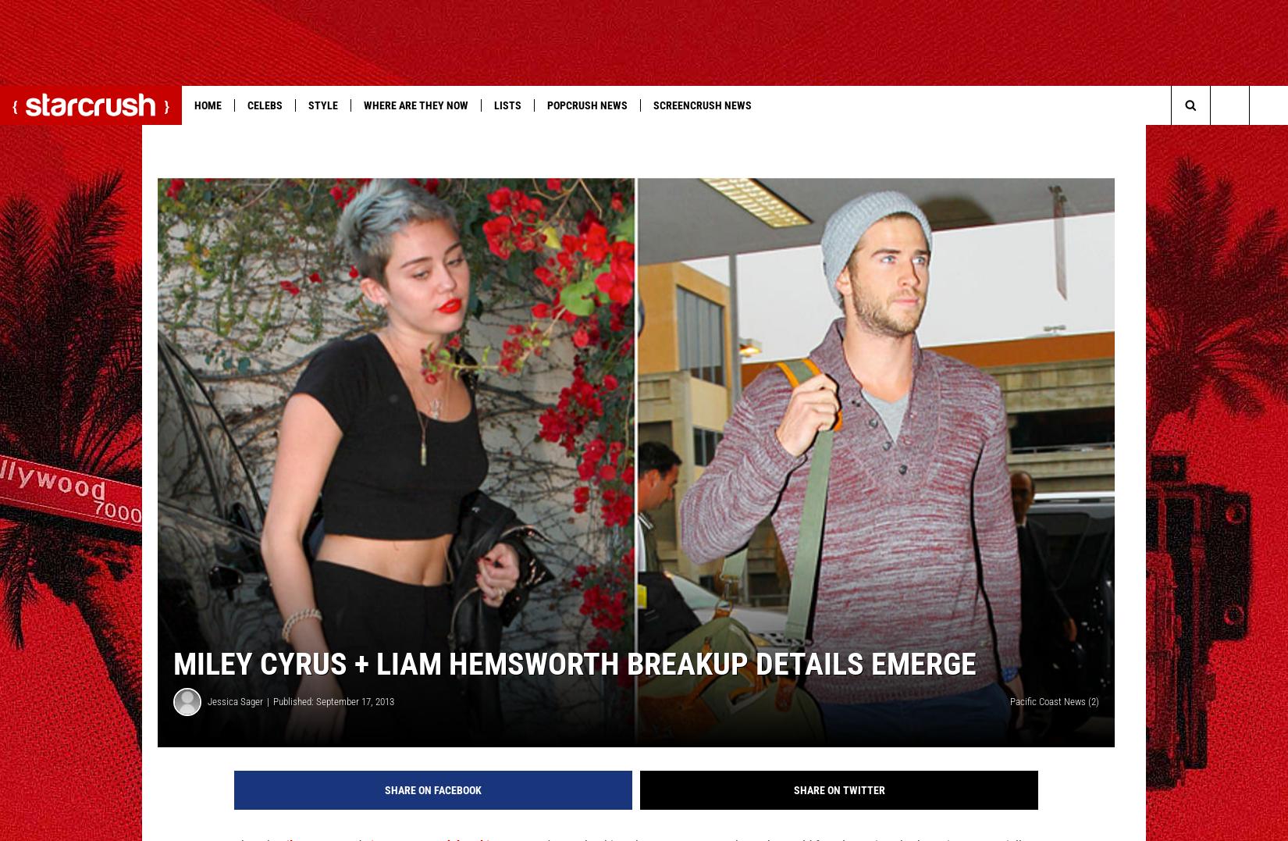  What do you see at coordinates (43, 136) in the screenshot?
I see `'Best of Web:'` at bounding box center [43, 136].